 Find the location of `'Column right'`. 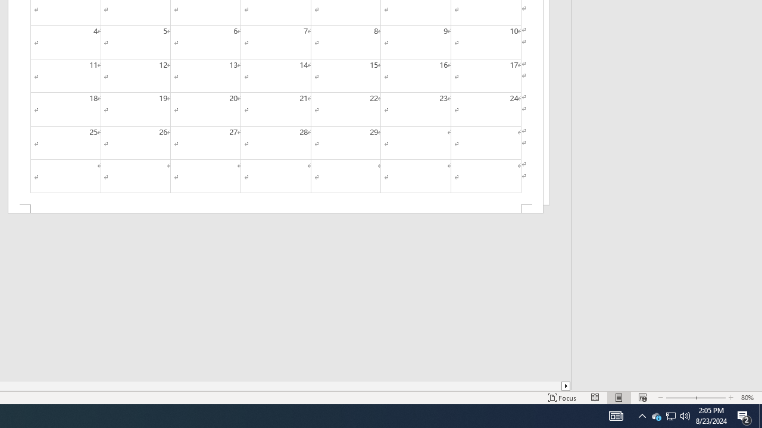

'Column right' is located at coordinates (566, 386).